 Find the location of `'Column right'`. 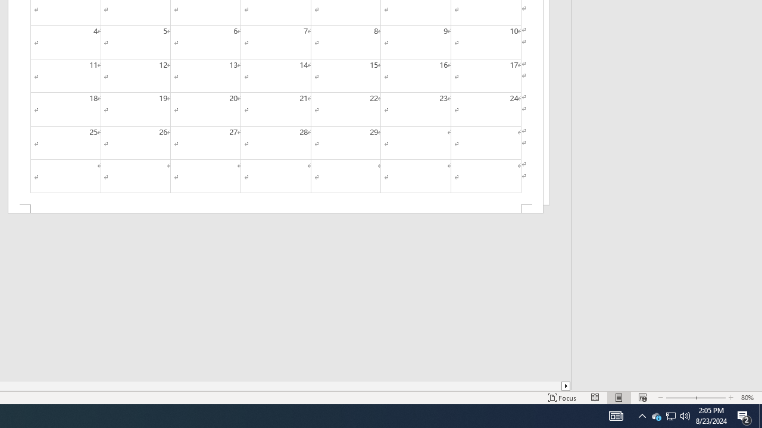

'Column right' is located at coordinates (566, 386).